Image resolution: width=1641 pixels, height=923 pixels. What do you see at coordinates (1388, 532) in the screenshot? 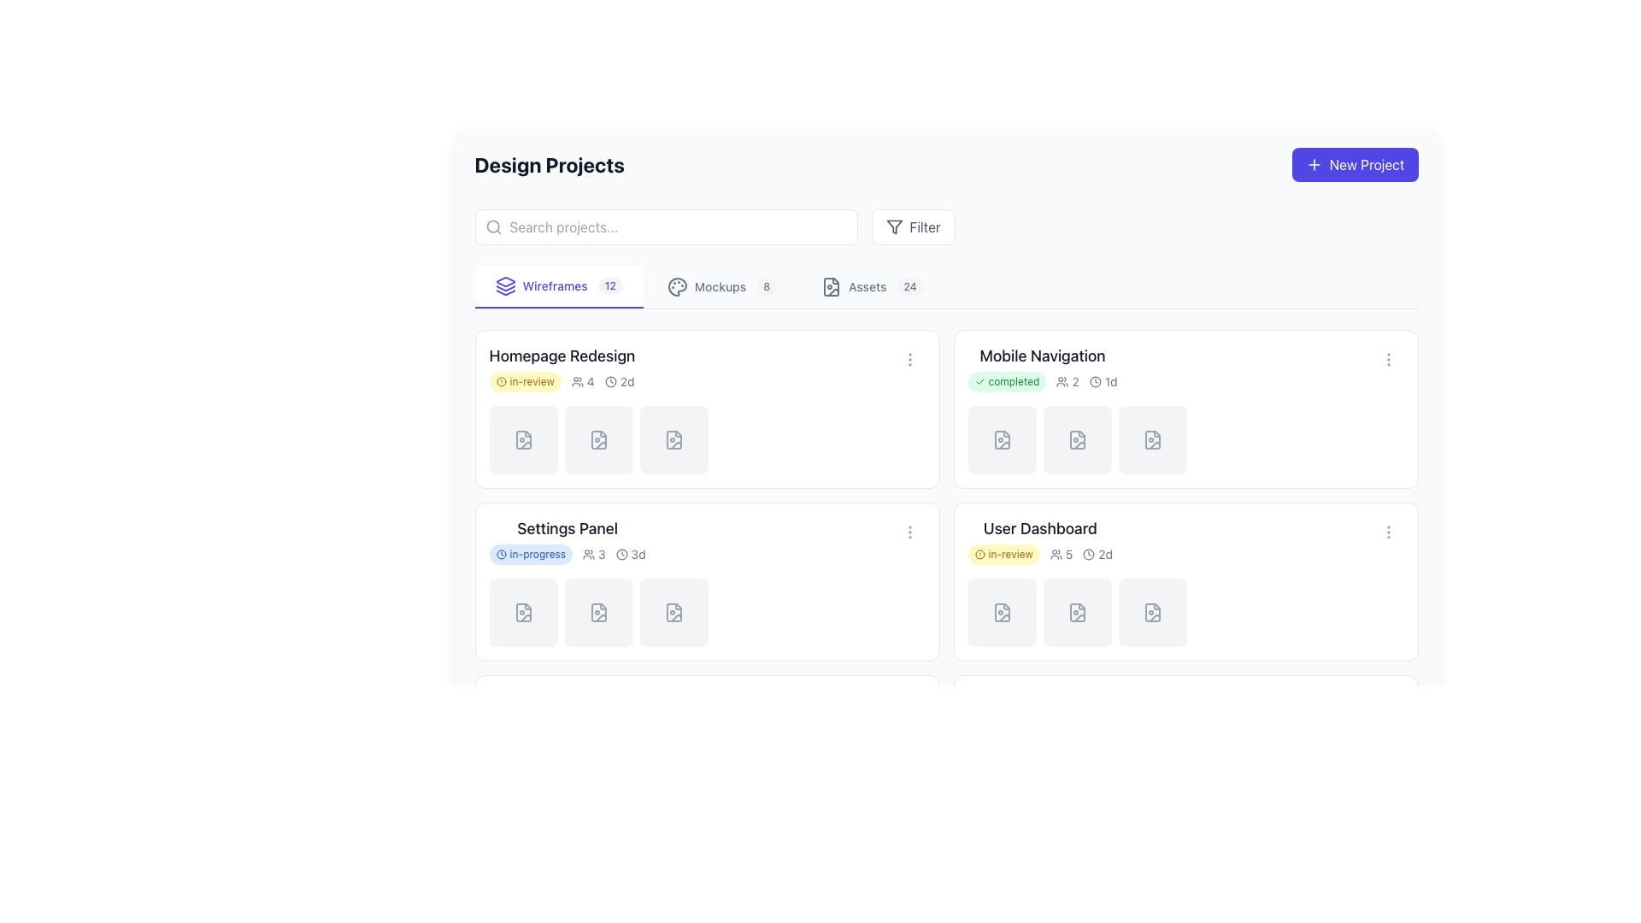
I see `the vertical ellipsis icon button located in the upper-right corner of the 'User Dashboard' card` at bounding box center [1388, 532].